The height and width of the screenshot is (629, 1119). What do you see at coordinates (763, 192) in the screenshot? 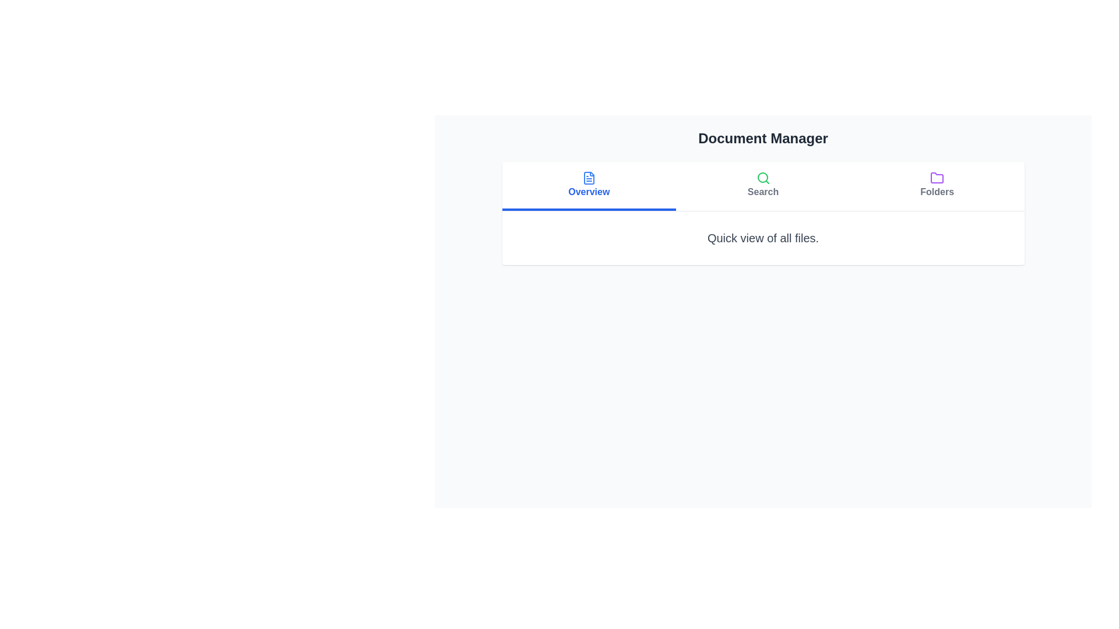
I see `the label that clarifies the purpose of the associated search icon, positioned beneath the green search icon and between 'Overview' and 'Folders' options in the document manager interface` at bounding box center [763, 192].